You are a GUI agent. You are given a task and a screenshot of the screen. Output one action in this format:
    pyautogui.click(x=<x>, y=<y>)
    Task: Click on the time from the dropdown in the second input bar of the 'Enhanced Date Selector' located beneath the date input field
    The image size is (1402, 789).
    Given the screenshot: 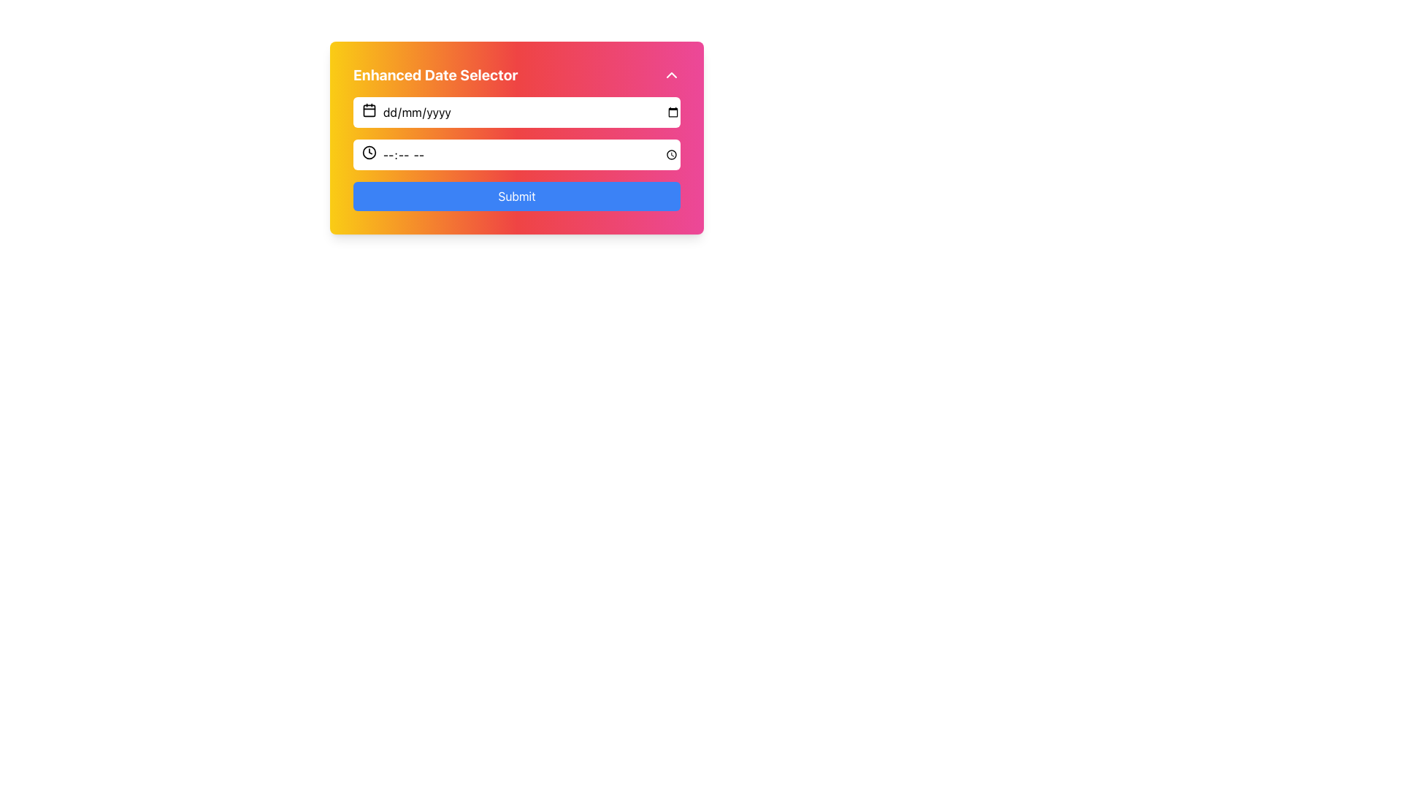 What is the action you would take?
    pyautogui.click(x=517, y=155)
    